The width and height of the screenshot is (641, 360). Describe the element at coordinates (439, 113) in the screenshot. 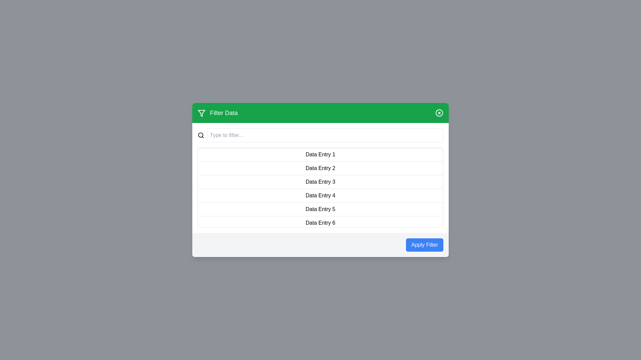

I see `close button to dismiss the dialog` at that location.